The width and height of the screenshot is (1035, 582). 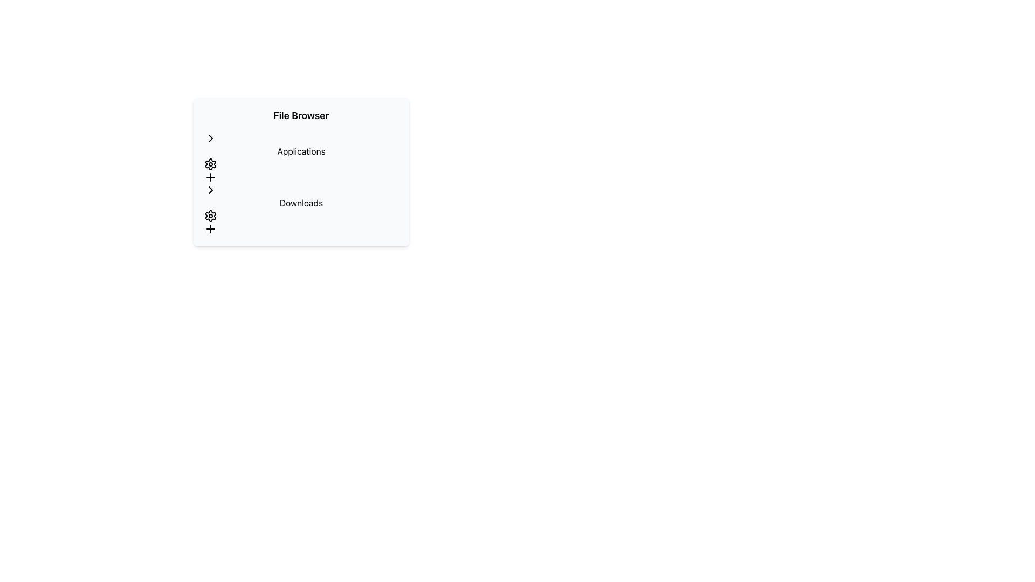 I want to click on the text label displaying 'Applications', which is styled with a standard font and a dark color, located to the left of 'Downloads' and below 'File Browser', so click(x=301, y=151).